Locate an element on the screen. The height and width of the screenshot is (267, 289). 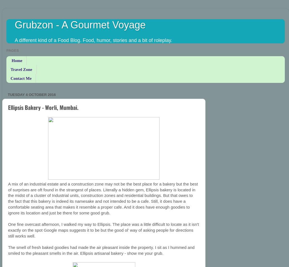
'Grubzon - A Gourmet Voyage' is located at coordinates (80, 25).